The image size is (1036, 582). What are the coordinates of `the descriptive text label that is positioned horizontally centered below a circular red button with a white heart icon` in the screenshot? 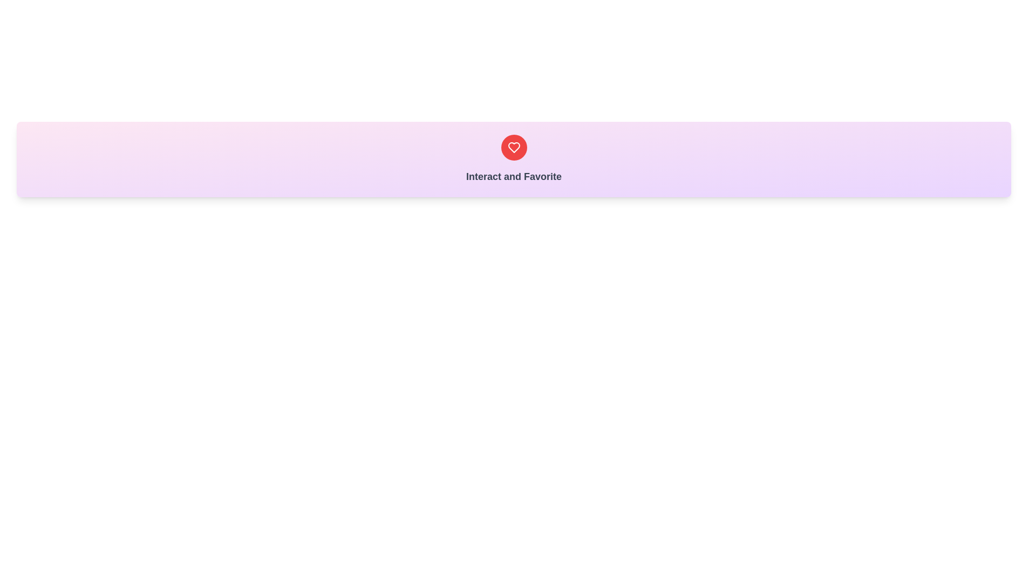 It's located at (513, 176).